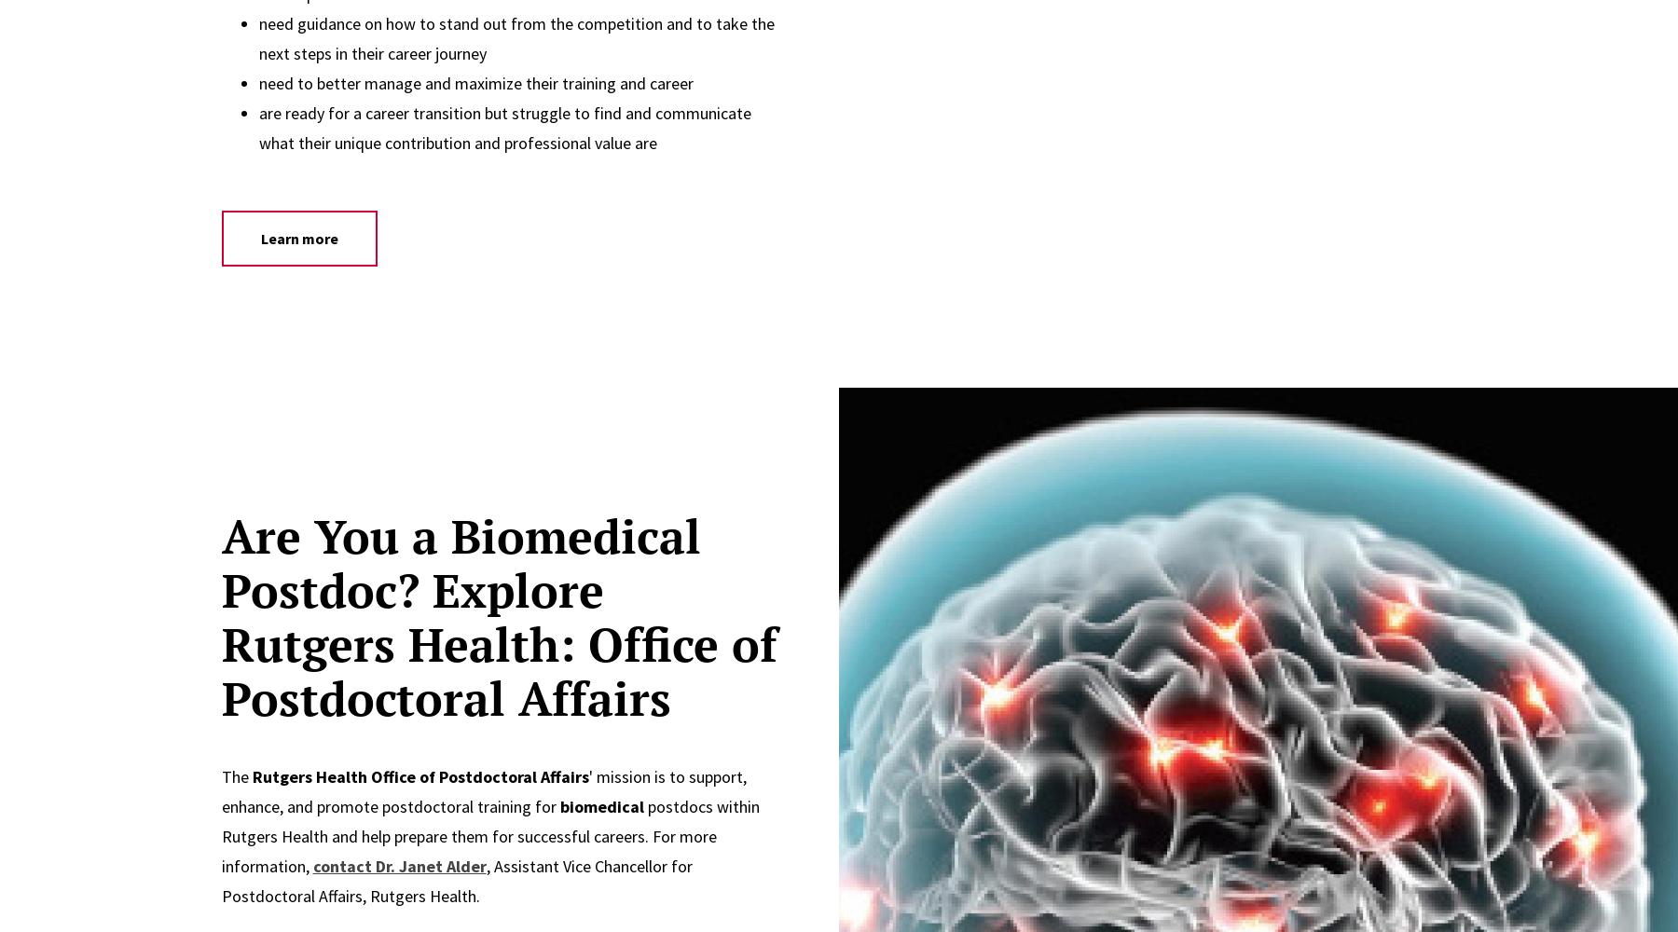 The width and height of the screenshot is (1678, 932). Describe the element at coordinates (310, 866) in the screenshot. I see `'contact Dr. Janet Alder'` at that location.